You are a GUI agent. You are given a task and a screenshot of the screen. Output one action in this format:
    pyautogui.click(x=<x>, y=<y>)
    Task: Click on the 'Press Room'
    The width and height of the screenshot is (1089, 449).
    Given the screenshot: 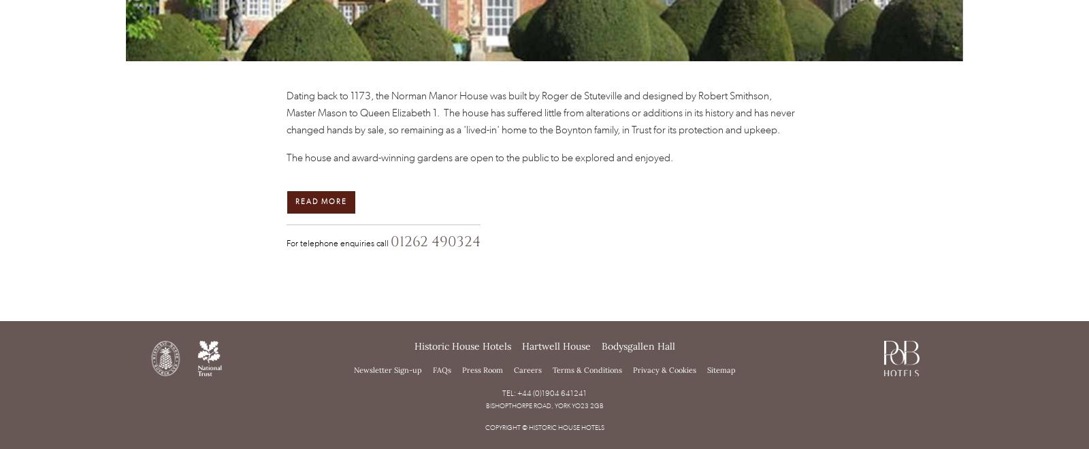 What is the action you would take?
    pyautogui.click(x=482, y=369)
    